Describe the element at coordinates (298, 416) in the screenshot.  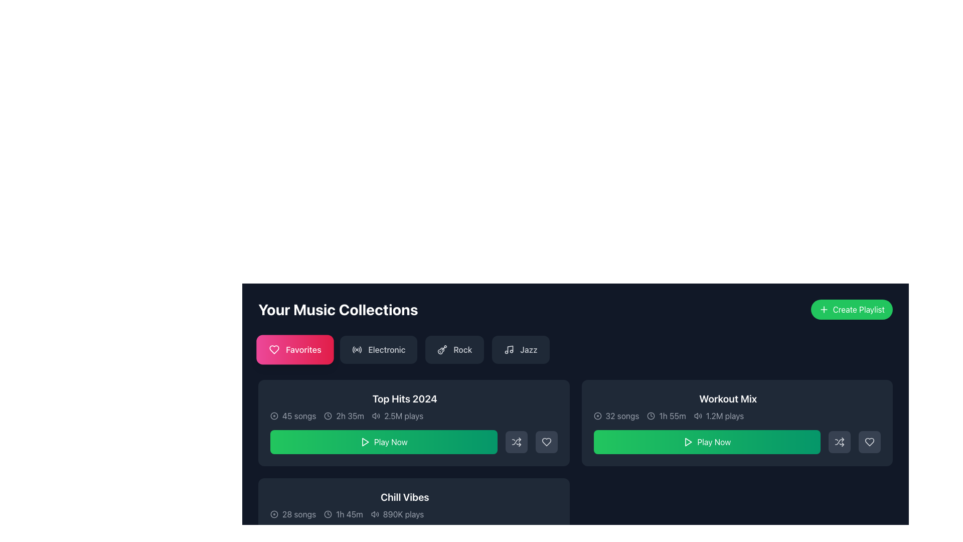
I see `text label displaying '45 songs' which is part of the music collection details in the 'Top Hits 2024' card` at that location.